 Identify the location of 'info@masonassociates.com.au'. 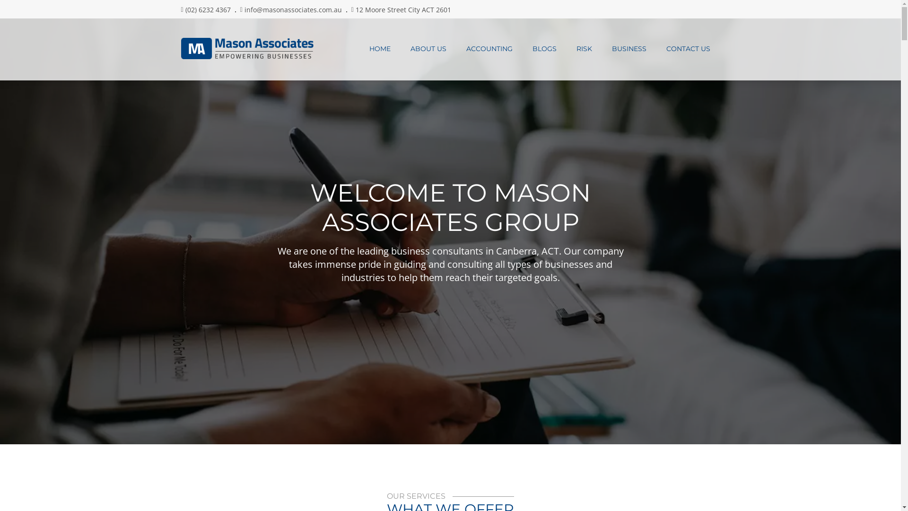
(292, 9).